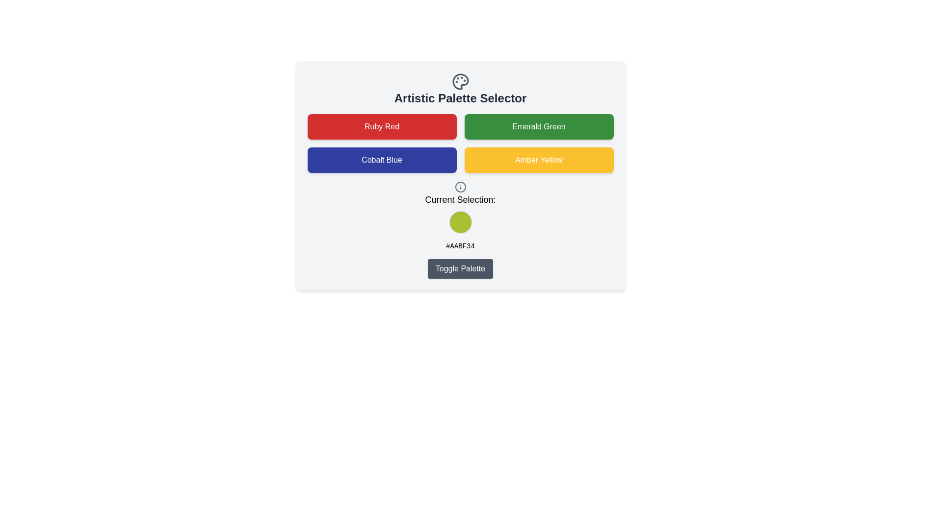 The height and width of the screenshot is (529, 942). I want to click on the color display and interaction section at the bottom half of the 'Artistic Palette Selector' card, so click(460, 229).